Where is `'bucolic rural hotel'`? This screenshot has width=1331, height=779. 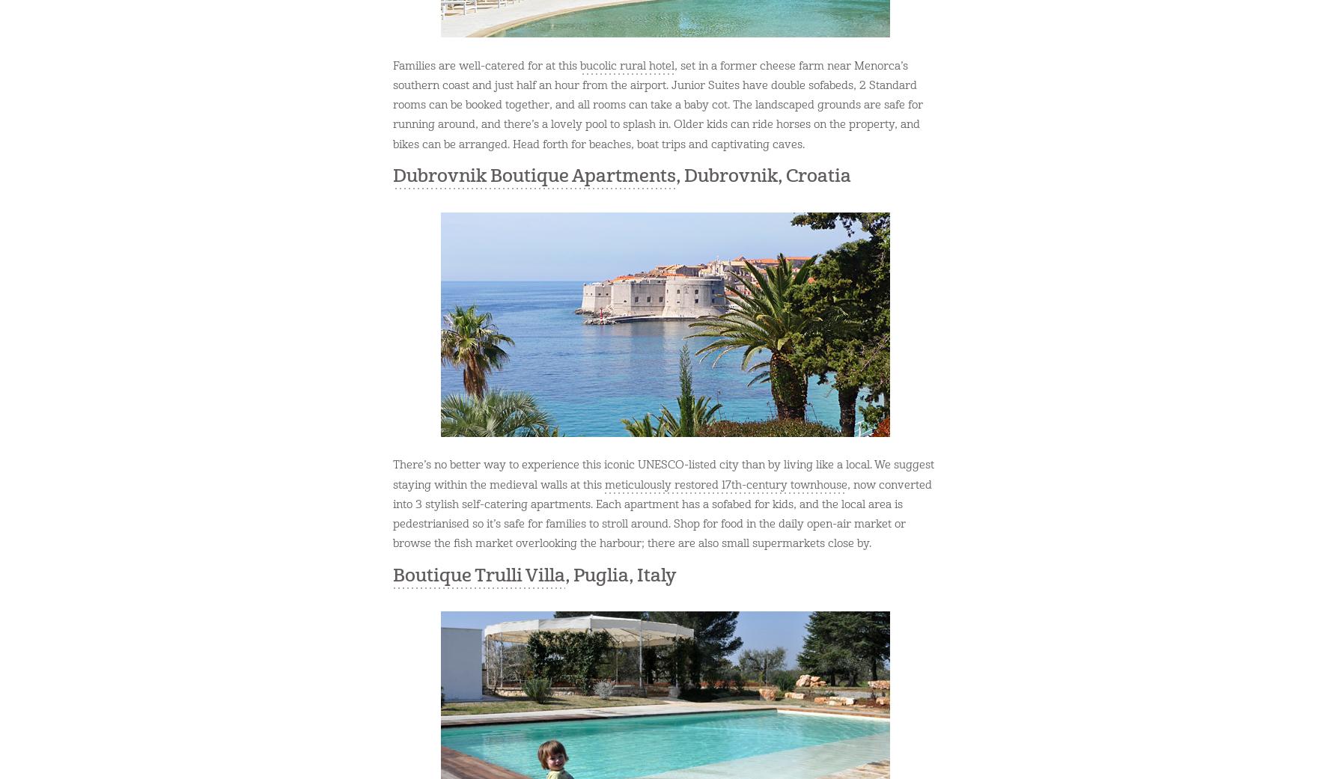
'bucolic rural hotel' is located at coordinates (626, 64).